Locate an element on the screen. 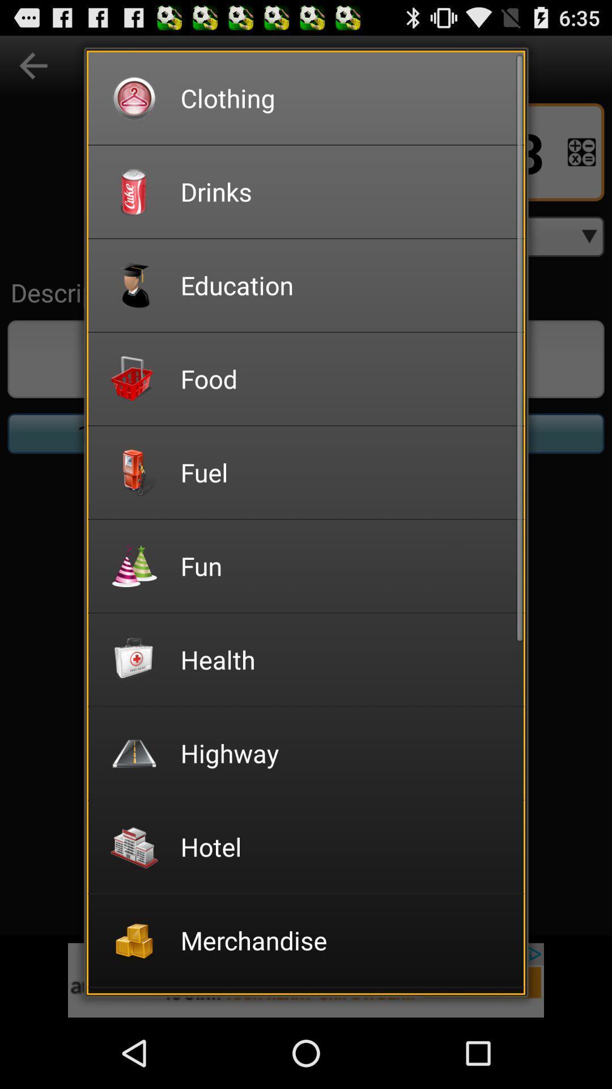  app above highway app is located at coordinates (344, 659).